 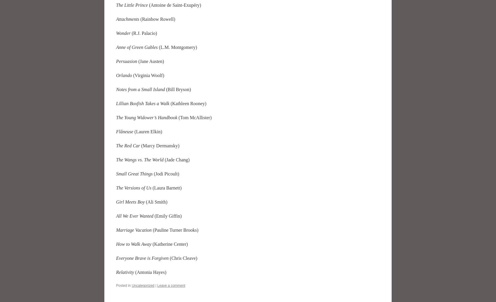 I want to click on '(Jane Austen)', so click(x=150, y=61).